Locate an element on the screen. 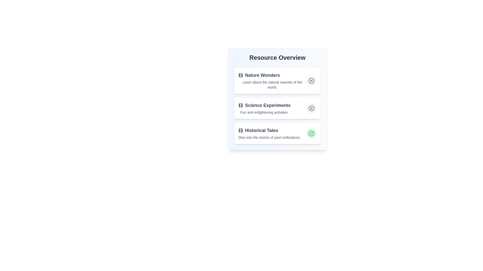  the description of the resource item titled Historical Tales is located at coordinates (269, 133).